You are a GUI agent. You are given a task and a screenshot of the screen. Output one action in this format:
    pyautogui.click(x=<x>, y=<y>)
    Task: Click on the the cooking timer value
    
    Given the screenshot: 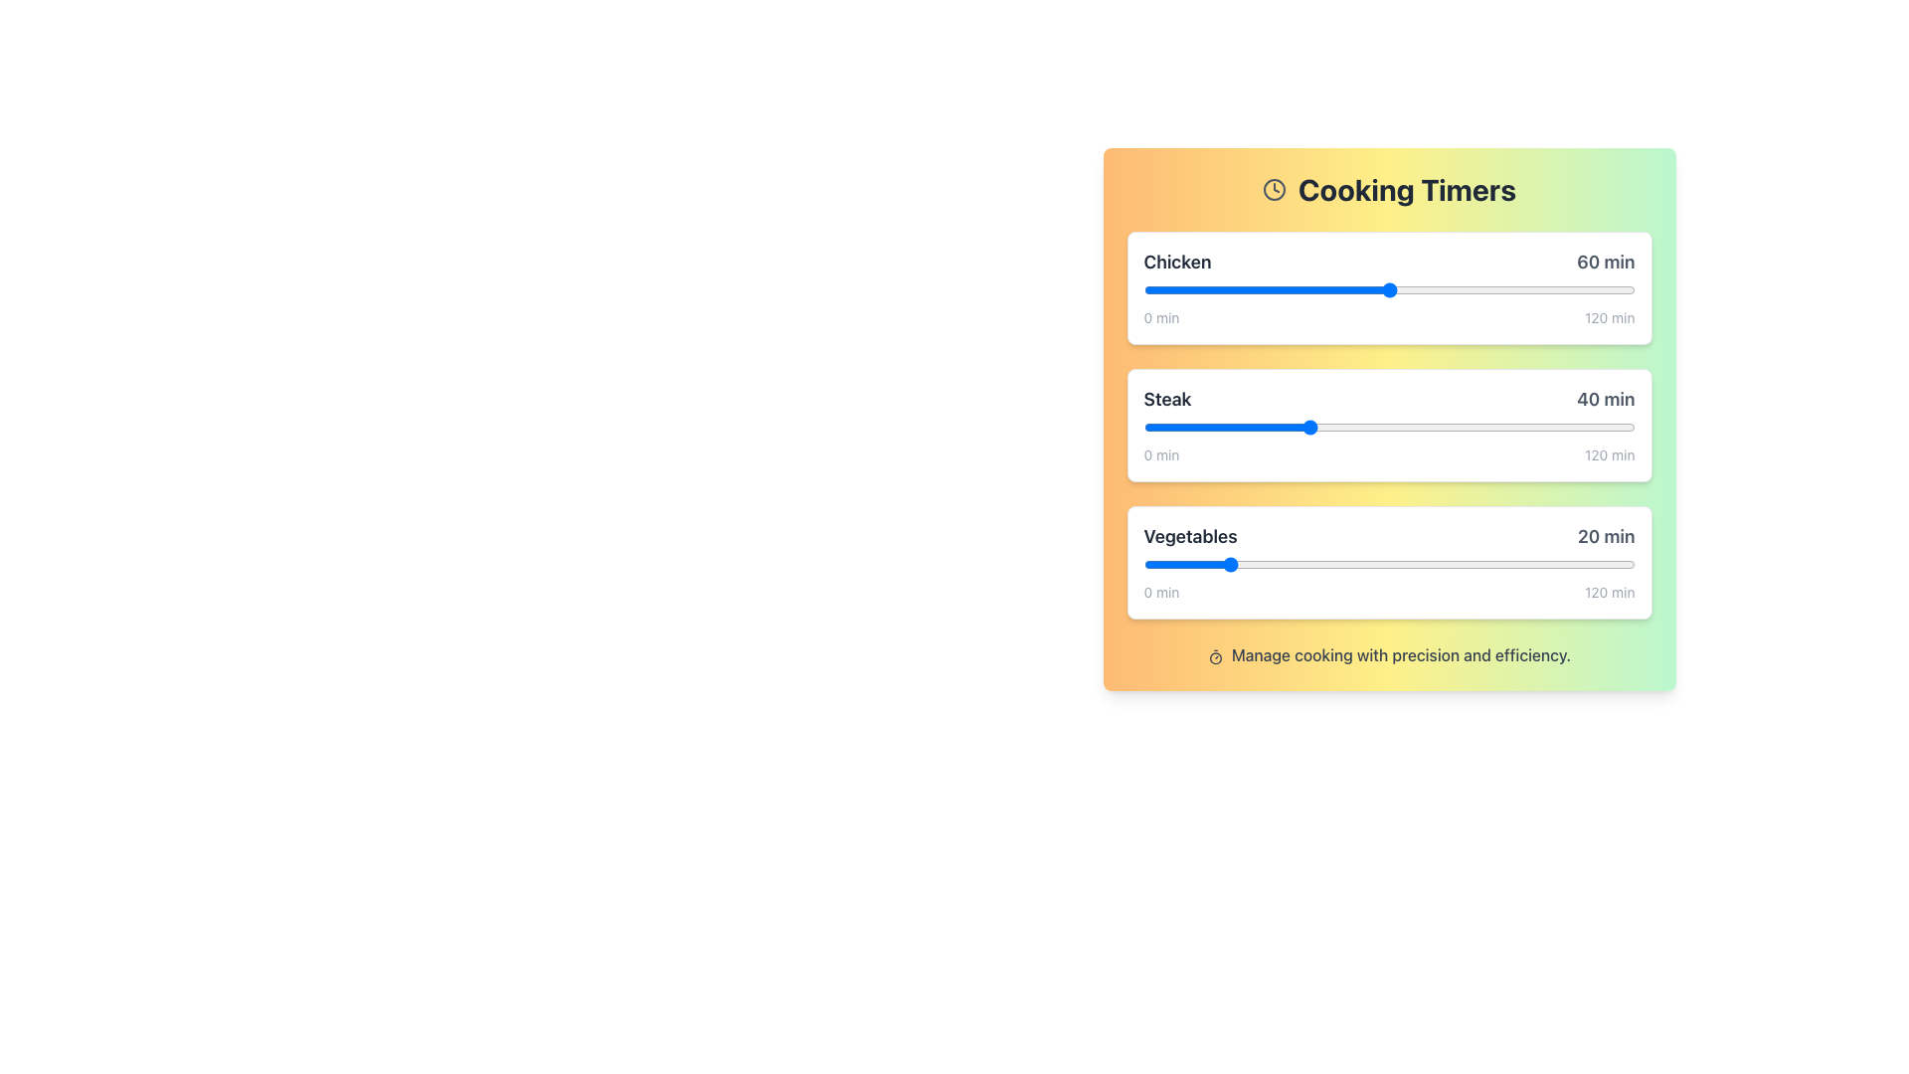 What is the action you would take?
    pyautogui.click(x=1627, y=290)
    